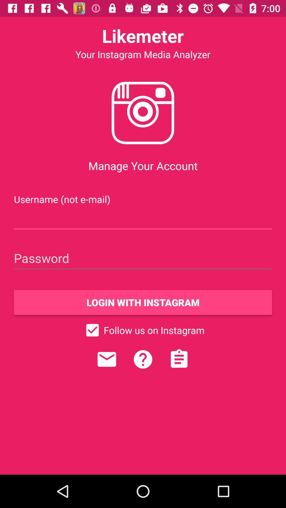 This screenshot has height=508, width=286. What do you see at coordinates (143, 359) in the screenshot?
I see `open help` at bounding box center [143, 359].